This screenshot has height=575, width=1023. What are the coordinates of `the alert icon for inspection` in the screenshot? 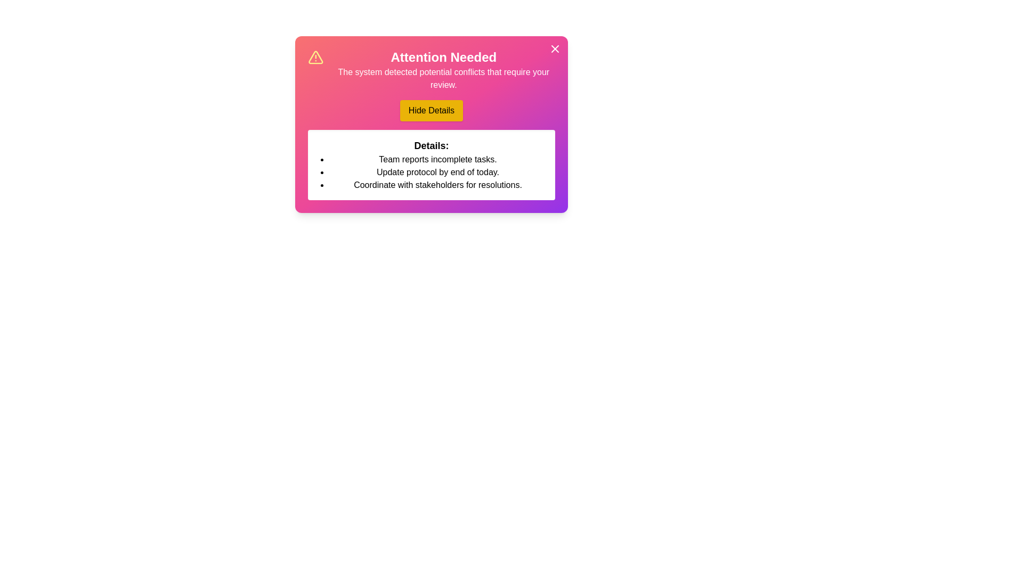 It's located at (314, 57).